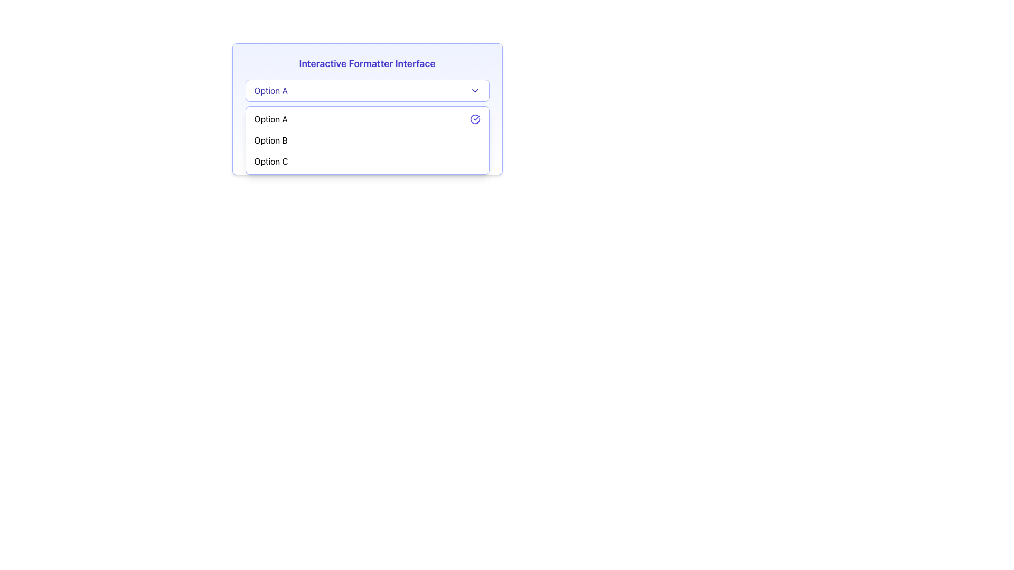  I want to click on the Text Label that serves as the title or header for the interface, positioned at the top of a panel with rounded edges and a gradient background, so click(367, 63).